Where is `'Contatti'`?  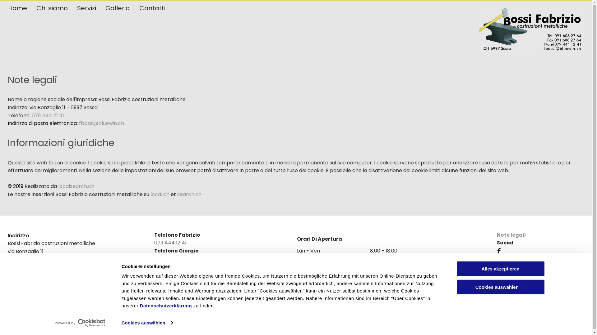 'Contatti' is located at coordinates (152, 7).